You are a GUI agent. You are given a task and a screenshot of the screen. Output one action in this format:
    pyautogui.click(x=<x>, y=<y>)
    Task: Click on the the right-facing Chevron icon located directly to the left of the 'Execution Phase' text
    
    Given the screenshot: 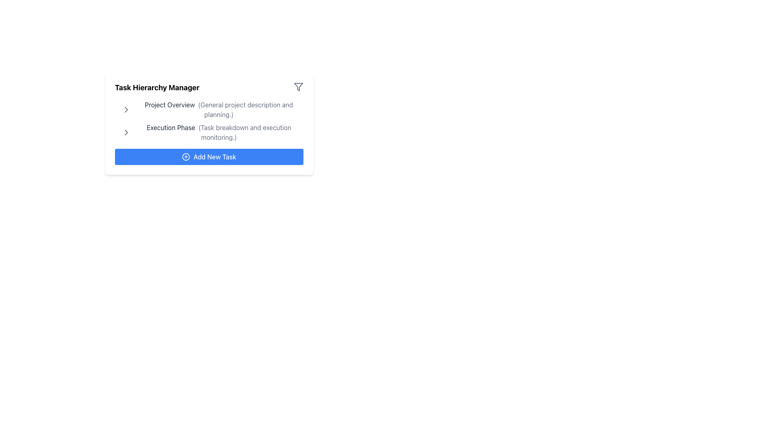 What is the action you would take?
    pyautogui.click(x=126, y=110)
    